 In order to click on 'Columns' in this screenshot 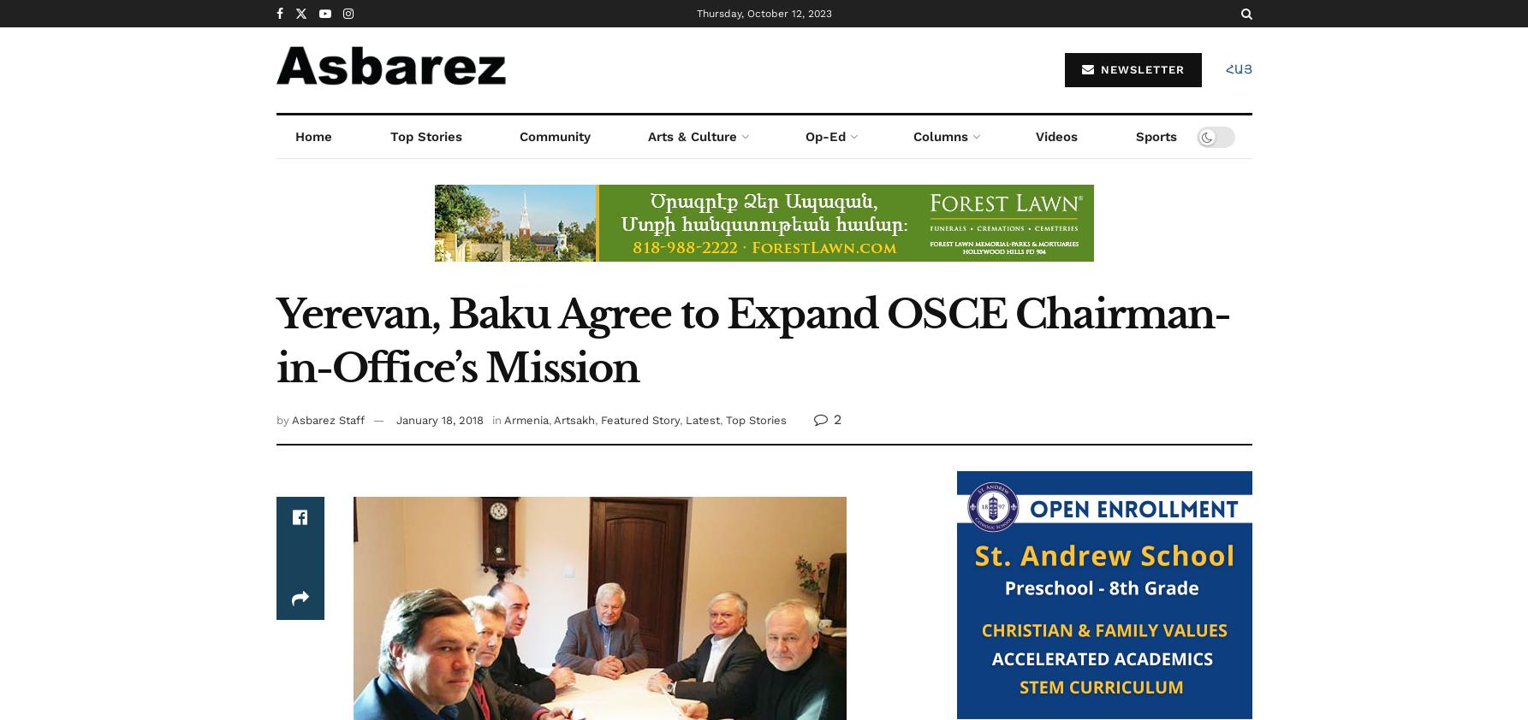, I will do `click(941, 135)`.